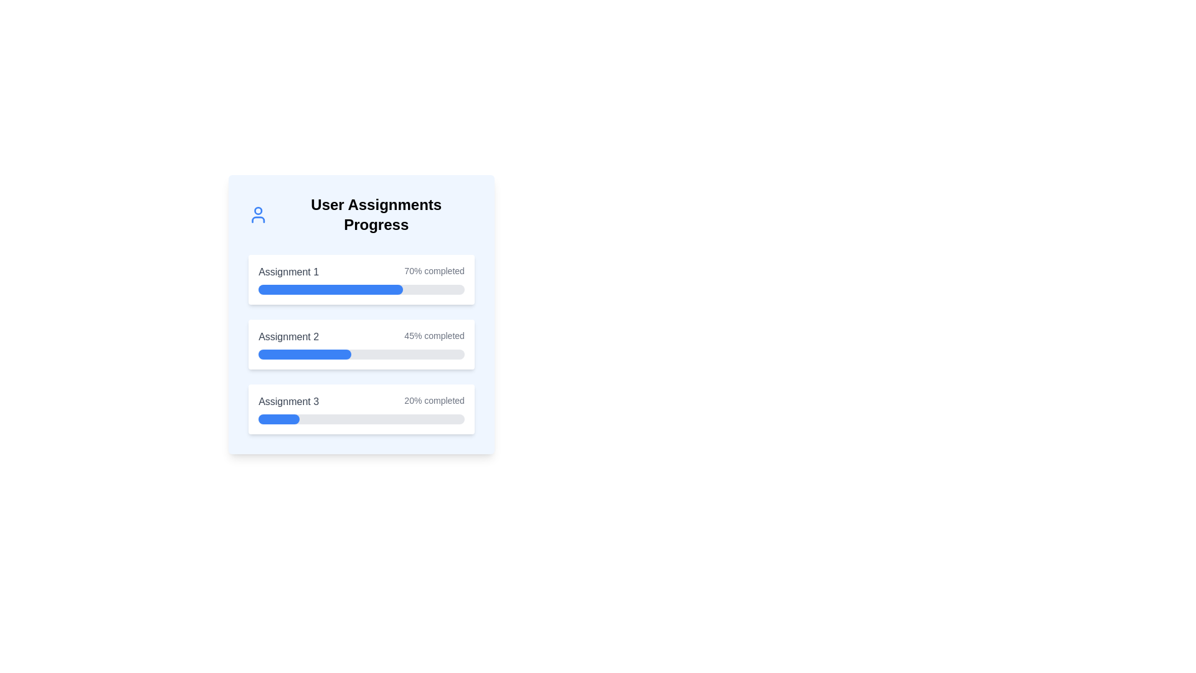 The height and width of the screenshot is (673, 1196). Describe the element at coordinates (361, 401) in the screenshot. I see `the informational block element titled 'Assignment 3' which displays the completion status '20% completed' on the right side` at that location.